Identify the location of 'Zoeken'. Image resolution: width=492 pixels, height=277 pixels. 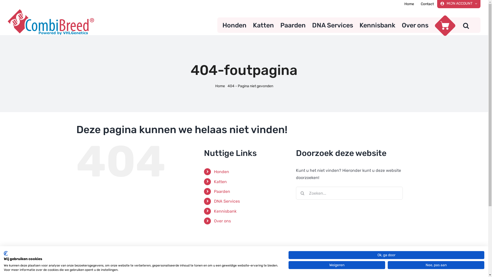
(466, 25).